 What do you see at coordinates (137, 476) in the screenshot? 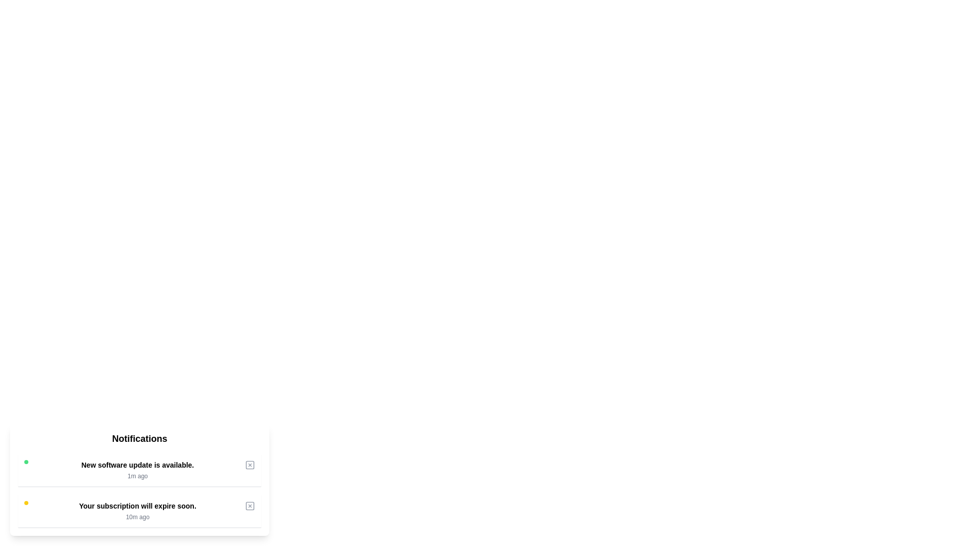
I see `the timestamp text label displaying '1m ago', which is located below the notification message 'New software update is available.'` at bounding box center [137, 476].